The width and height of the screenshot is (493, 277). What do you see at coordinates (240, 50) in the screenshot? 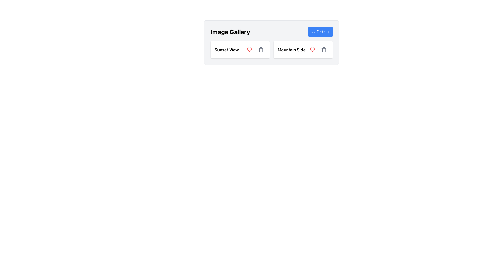
I see `the text of the first card item in the gallery` at bounding box center [240, 50].